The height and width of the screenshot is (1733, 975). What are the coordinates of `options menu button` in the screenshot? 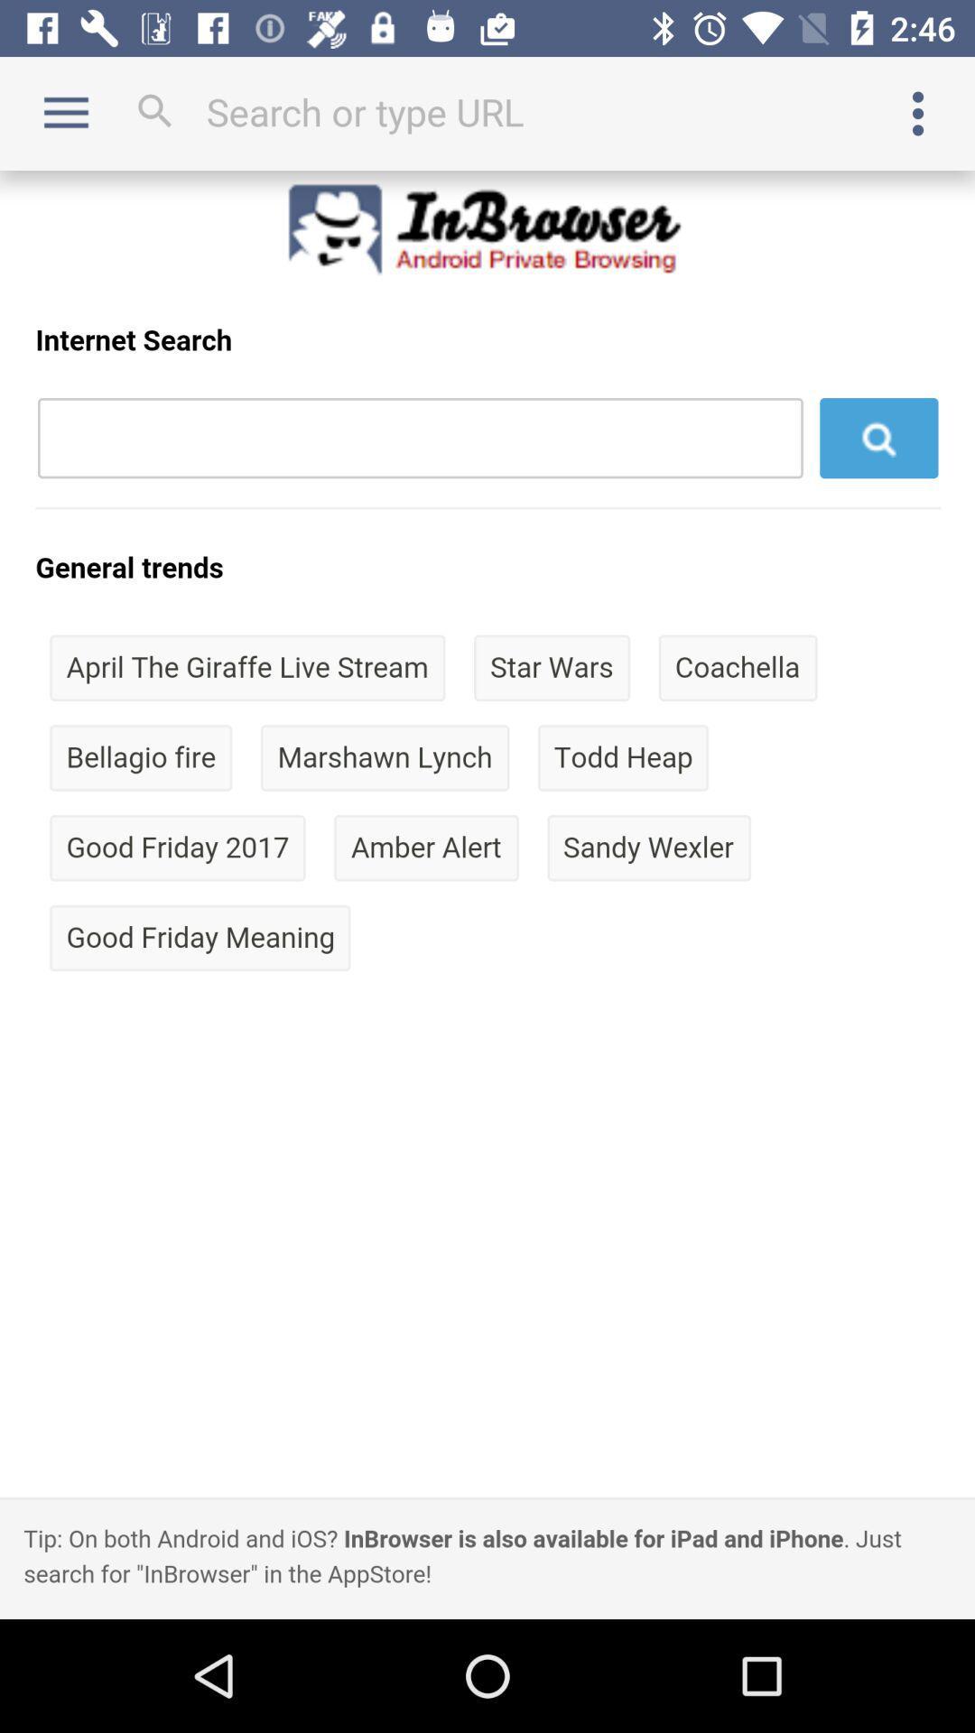 It's located at (918, 112).